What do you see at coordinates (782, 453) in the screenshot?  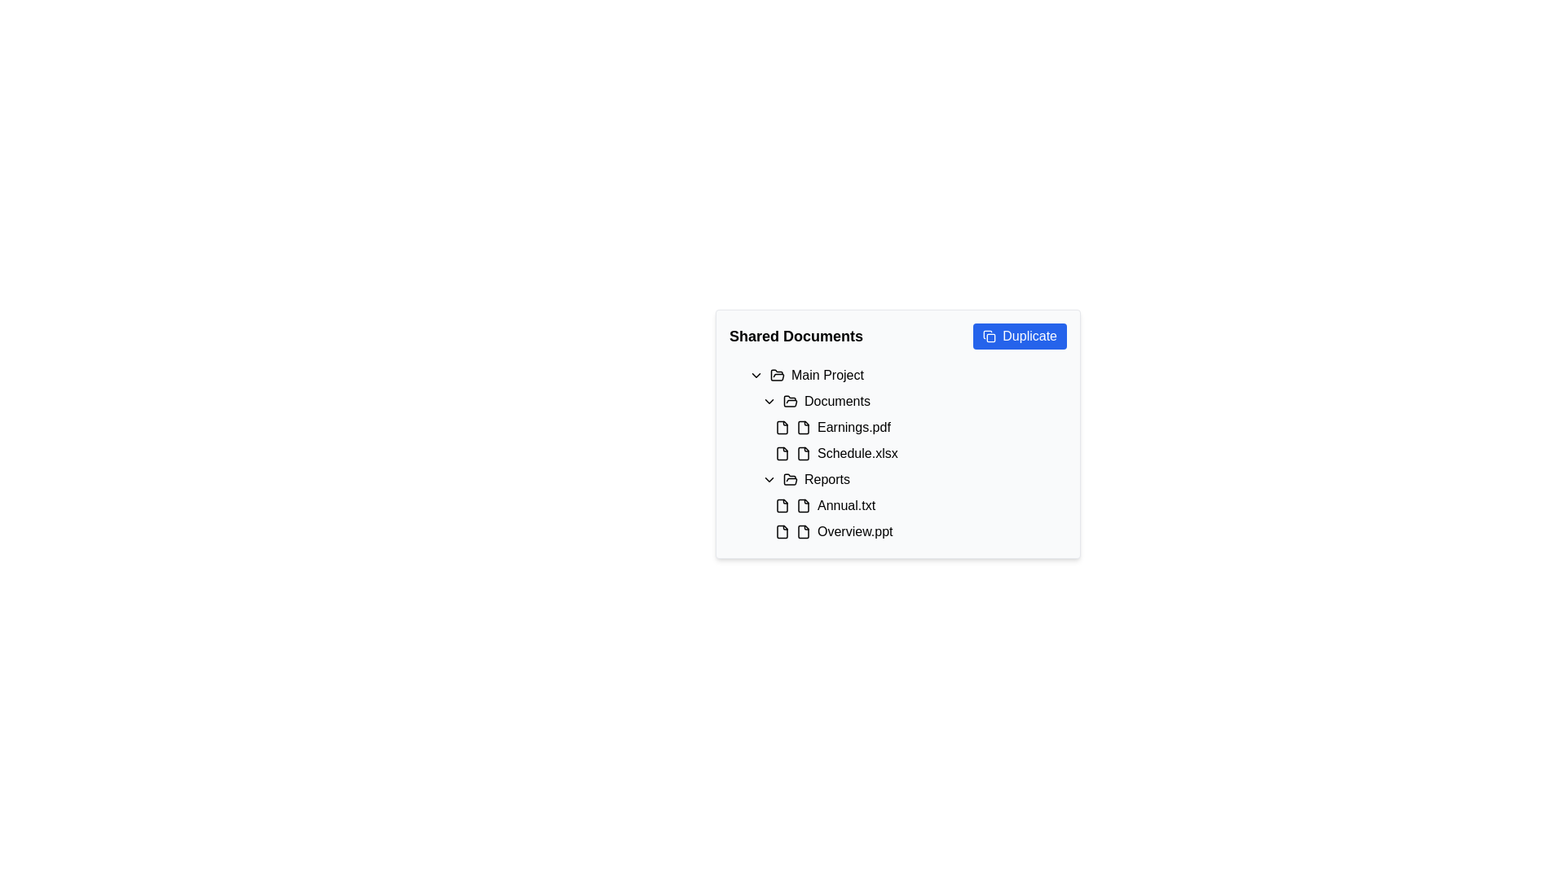 I see `the file item icon associated with 'Schedule.xlsx' located in the documents list by clicking on it` at bounding box center [782, 453].